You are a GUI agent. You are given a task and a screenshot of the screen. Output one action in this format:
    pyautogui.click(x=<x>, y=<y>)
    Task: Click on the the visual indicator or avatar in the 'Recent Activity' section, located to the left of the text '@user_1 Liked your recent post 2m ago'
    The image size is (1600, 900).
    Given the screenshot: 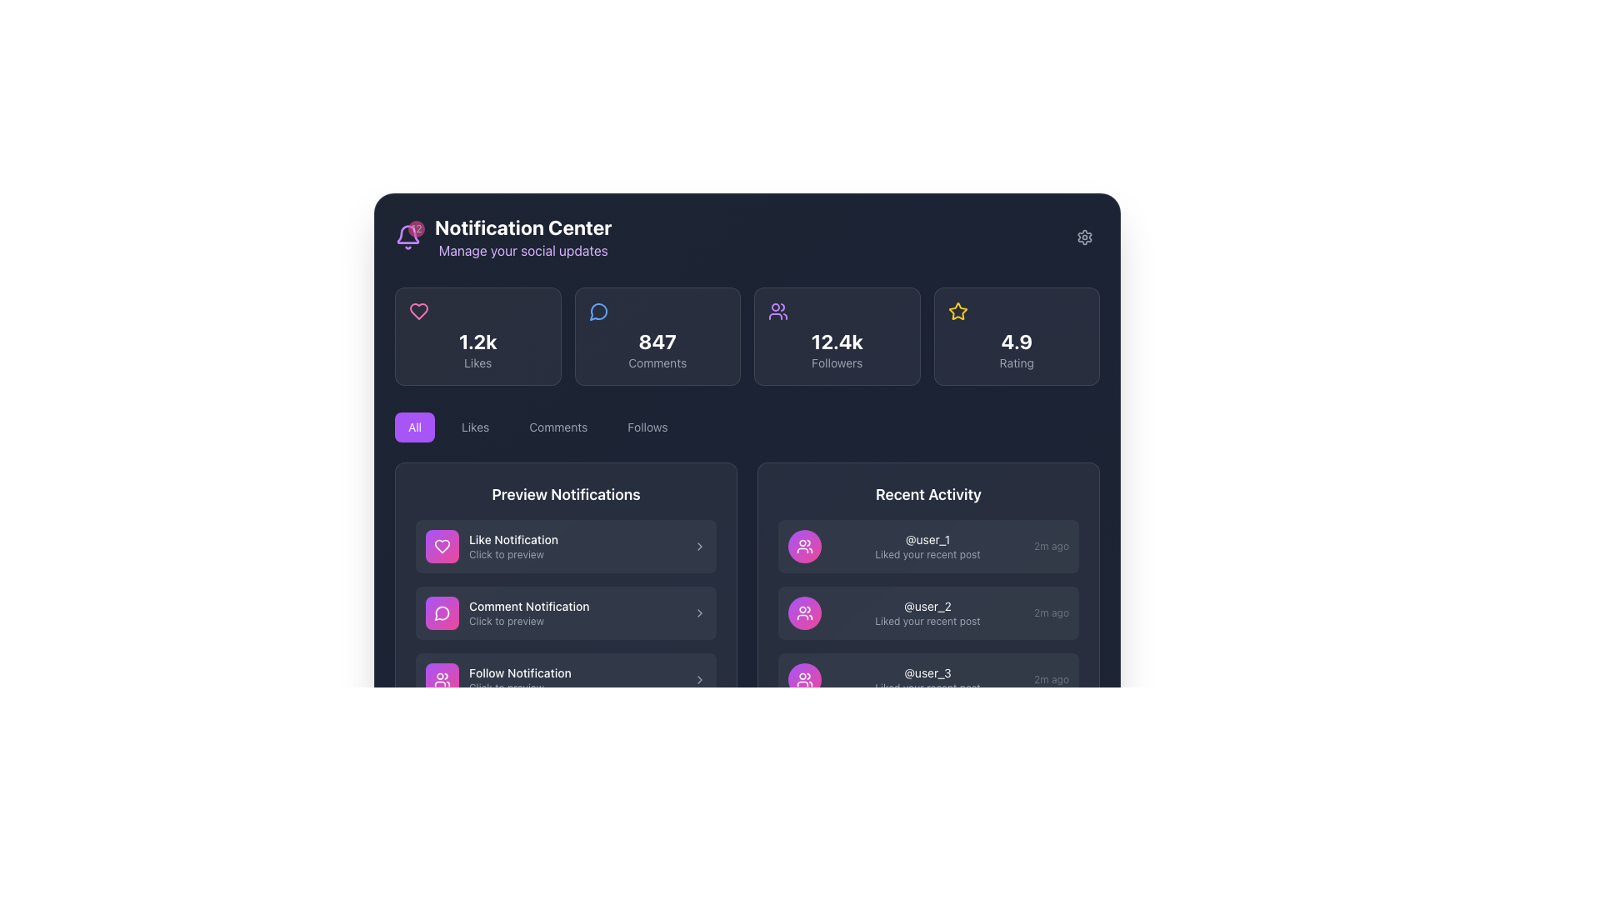 What is the action you would take?
    pyautogui.click(x=804, y=546)
    